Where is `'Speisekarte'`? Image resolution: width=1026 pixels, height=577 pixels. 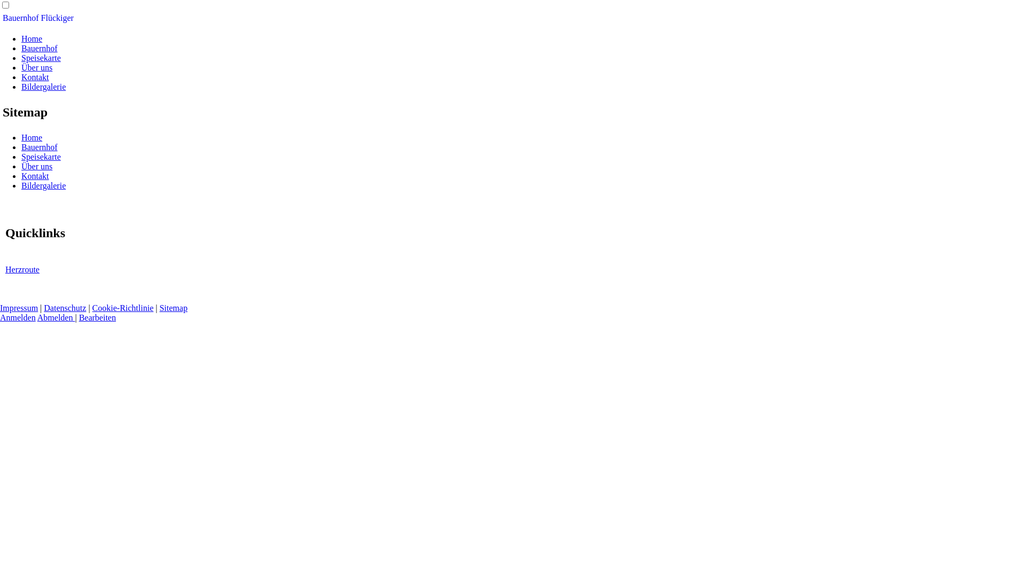 'Speisekarte' is located at coordinates (41, 58).